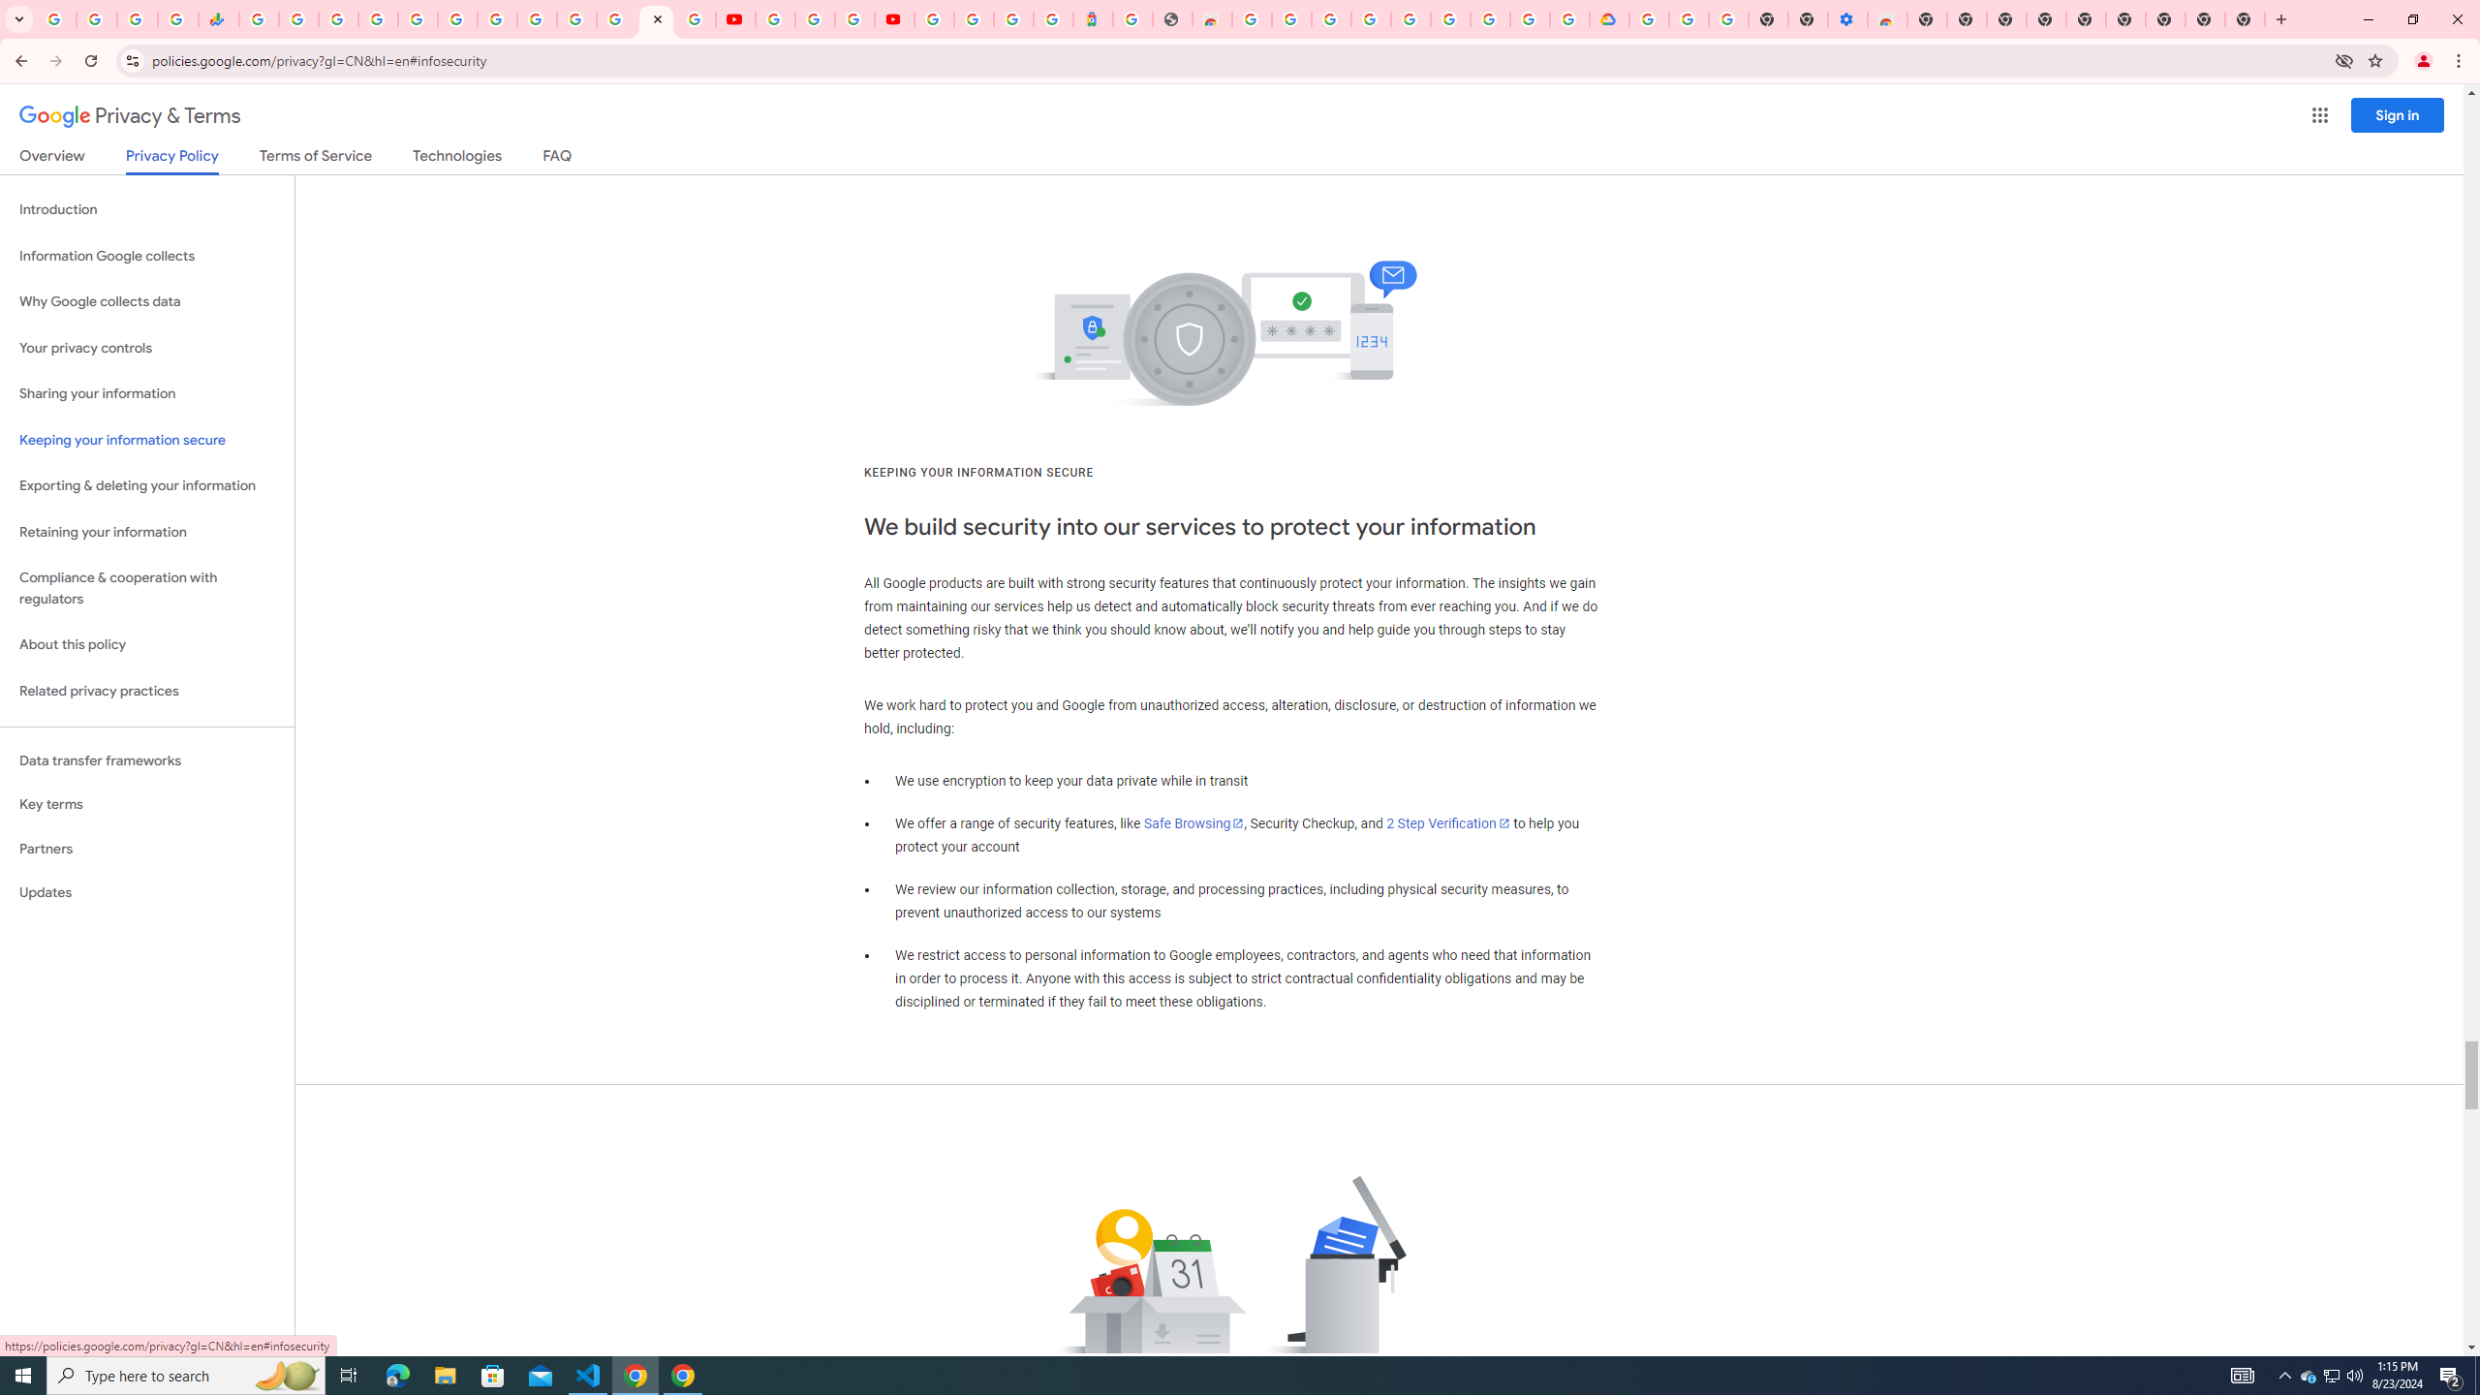 The image size is (2480, 1395). I want to click on 'Android TV Policies and Guidelines - Transparency Center', so click(497, 18).